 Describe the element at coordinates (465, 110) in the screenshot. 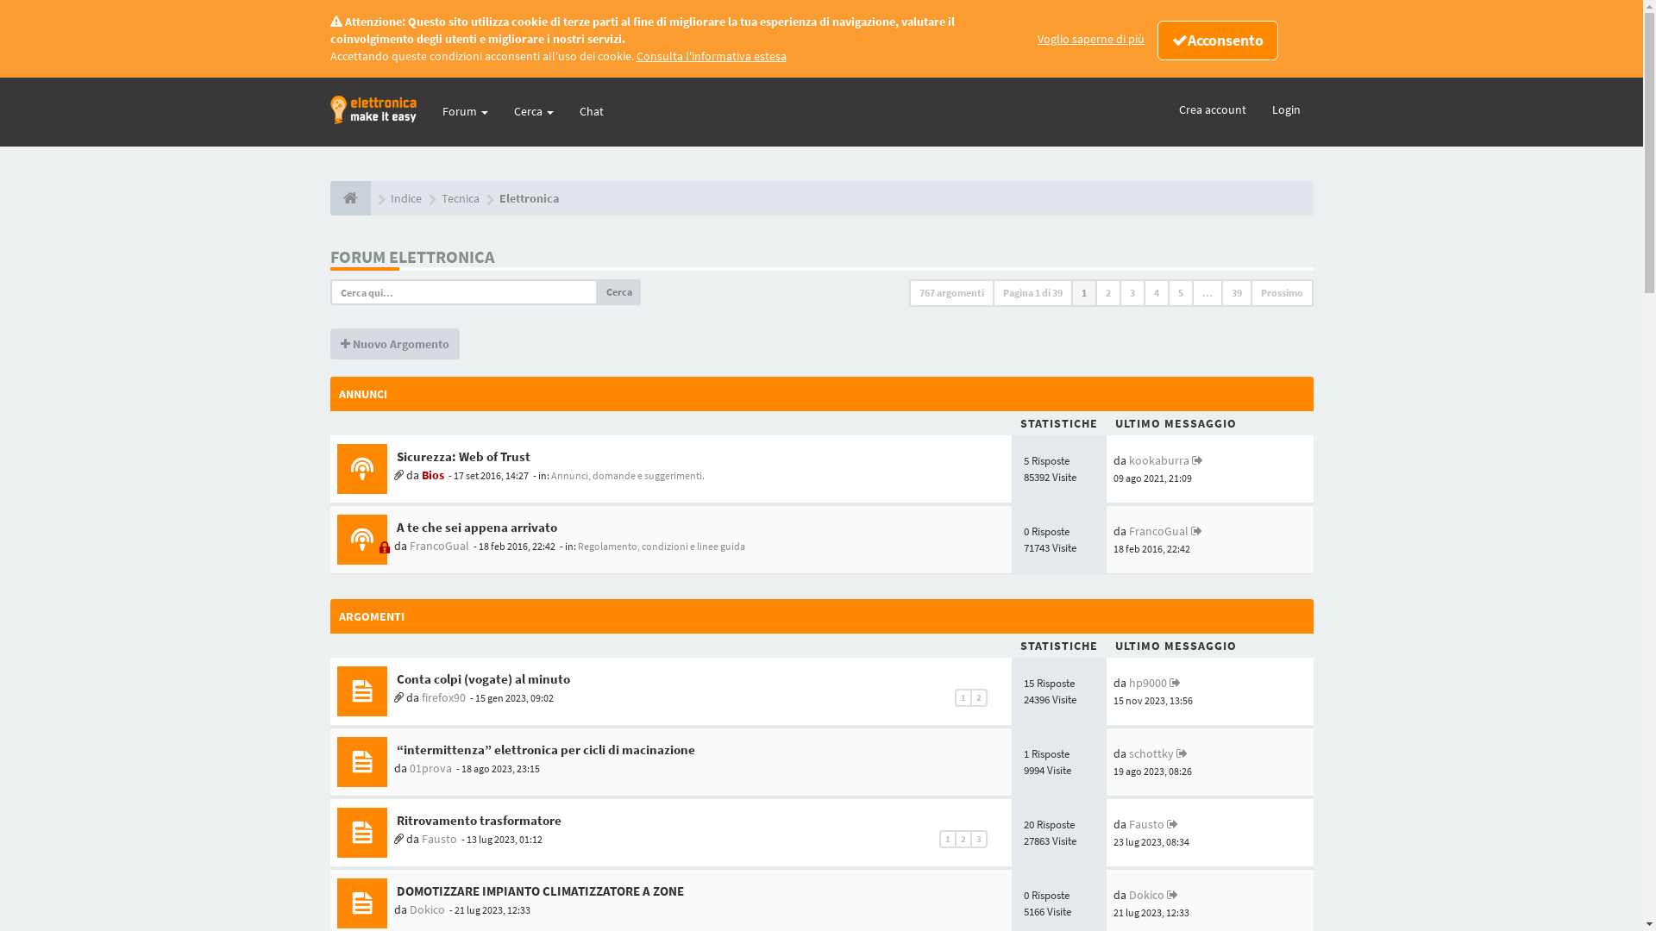

I see `'Forum '` at that location.